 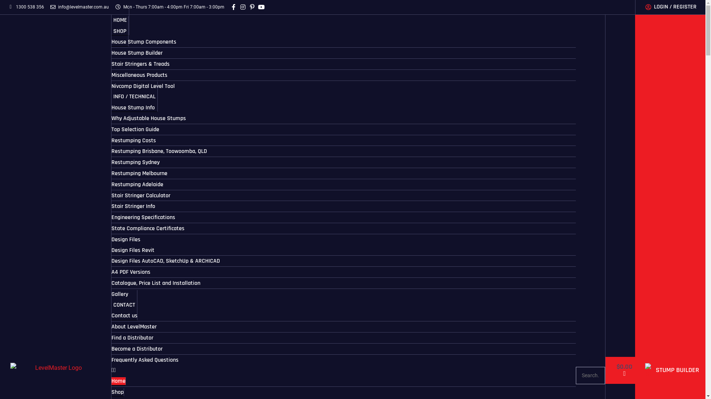 I want to click on 'INFO / TECHNICAL', so click(x=111, y=96).